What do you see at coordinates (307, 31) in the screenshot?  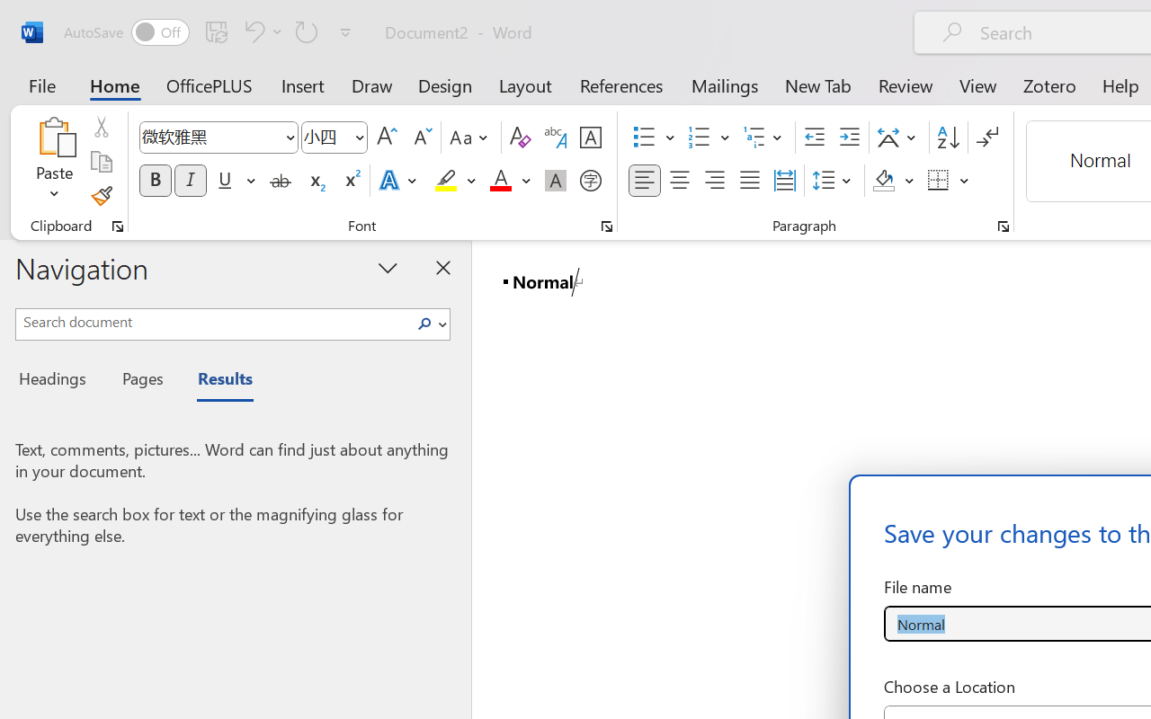 I see `'Repeat Style'` at bounding box center [307, 31].